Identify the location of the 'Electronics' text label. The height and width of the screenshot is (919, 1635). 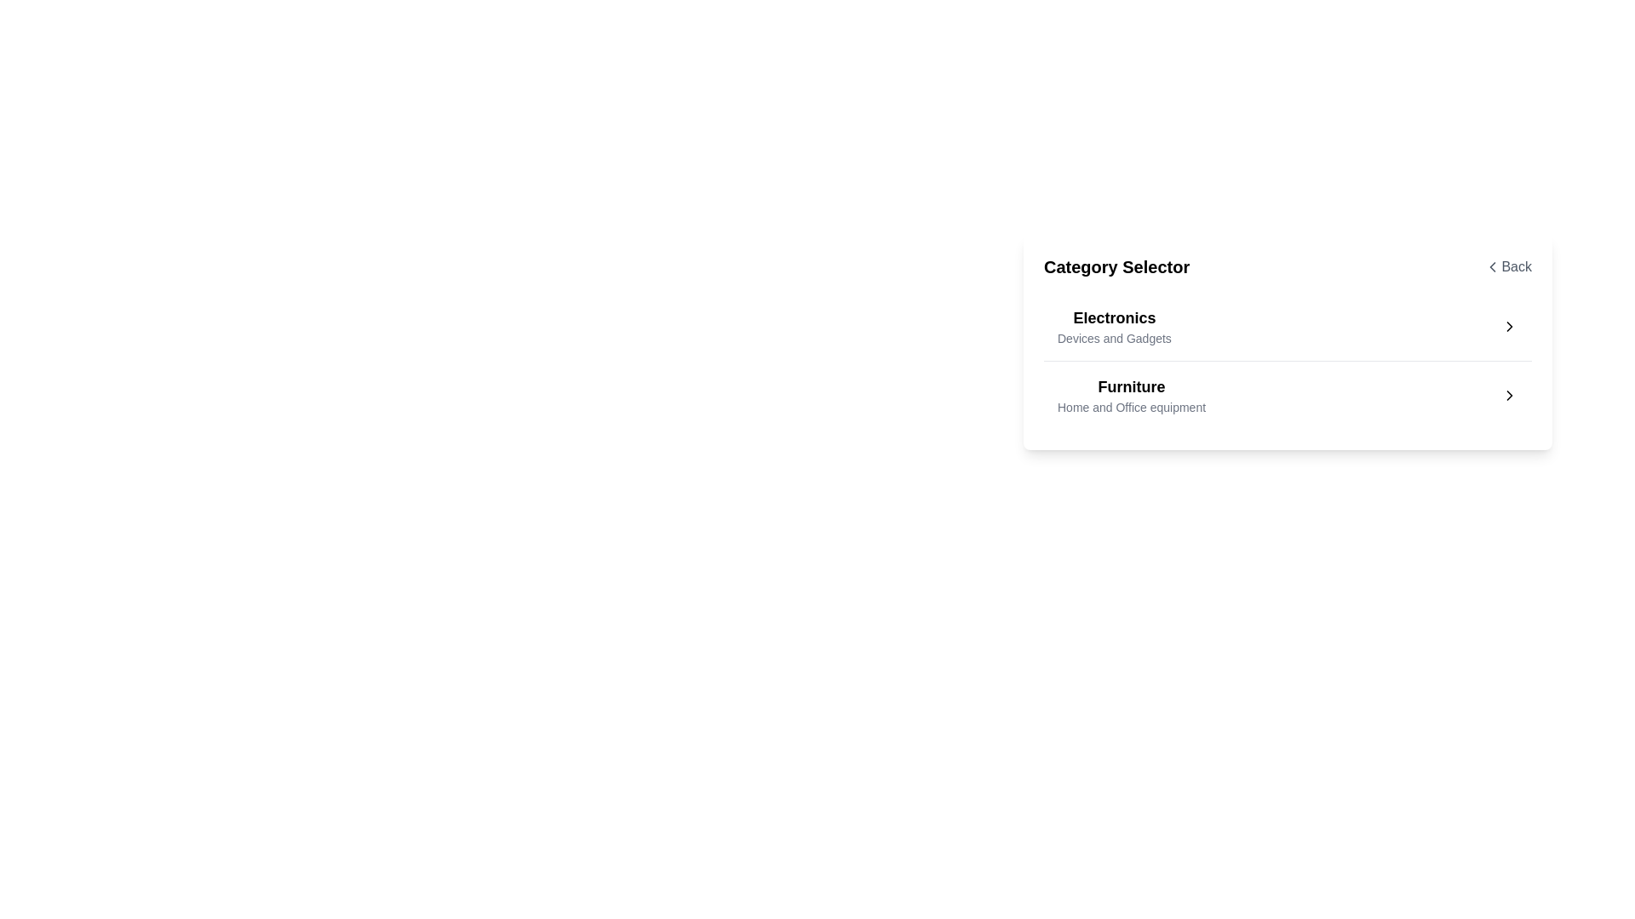
(1114, 327).